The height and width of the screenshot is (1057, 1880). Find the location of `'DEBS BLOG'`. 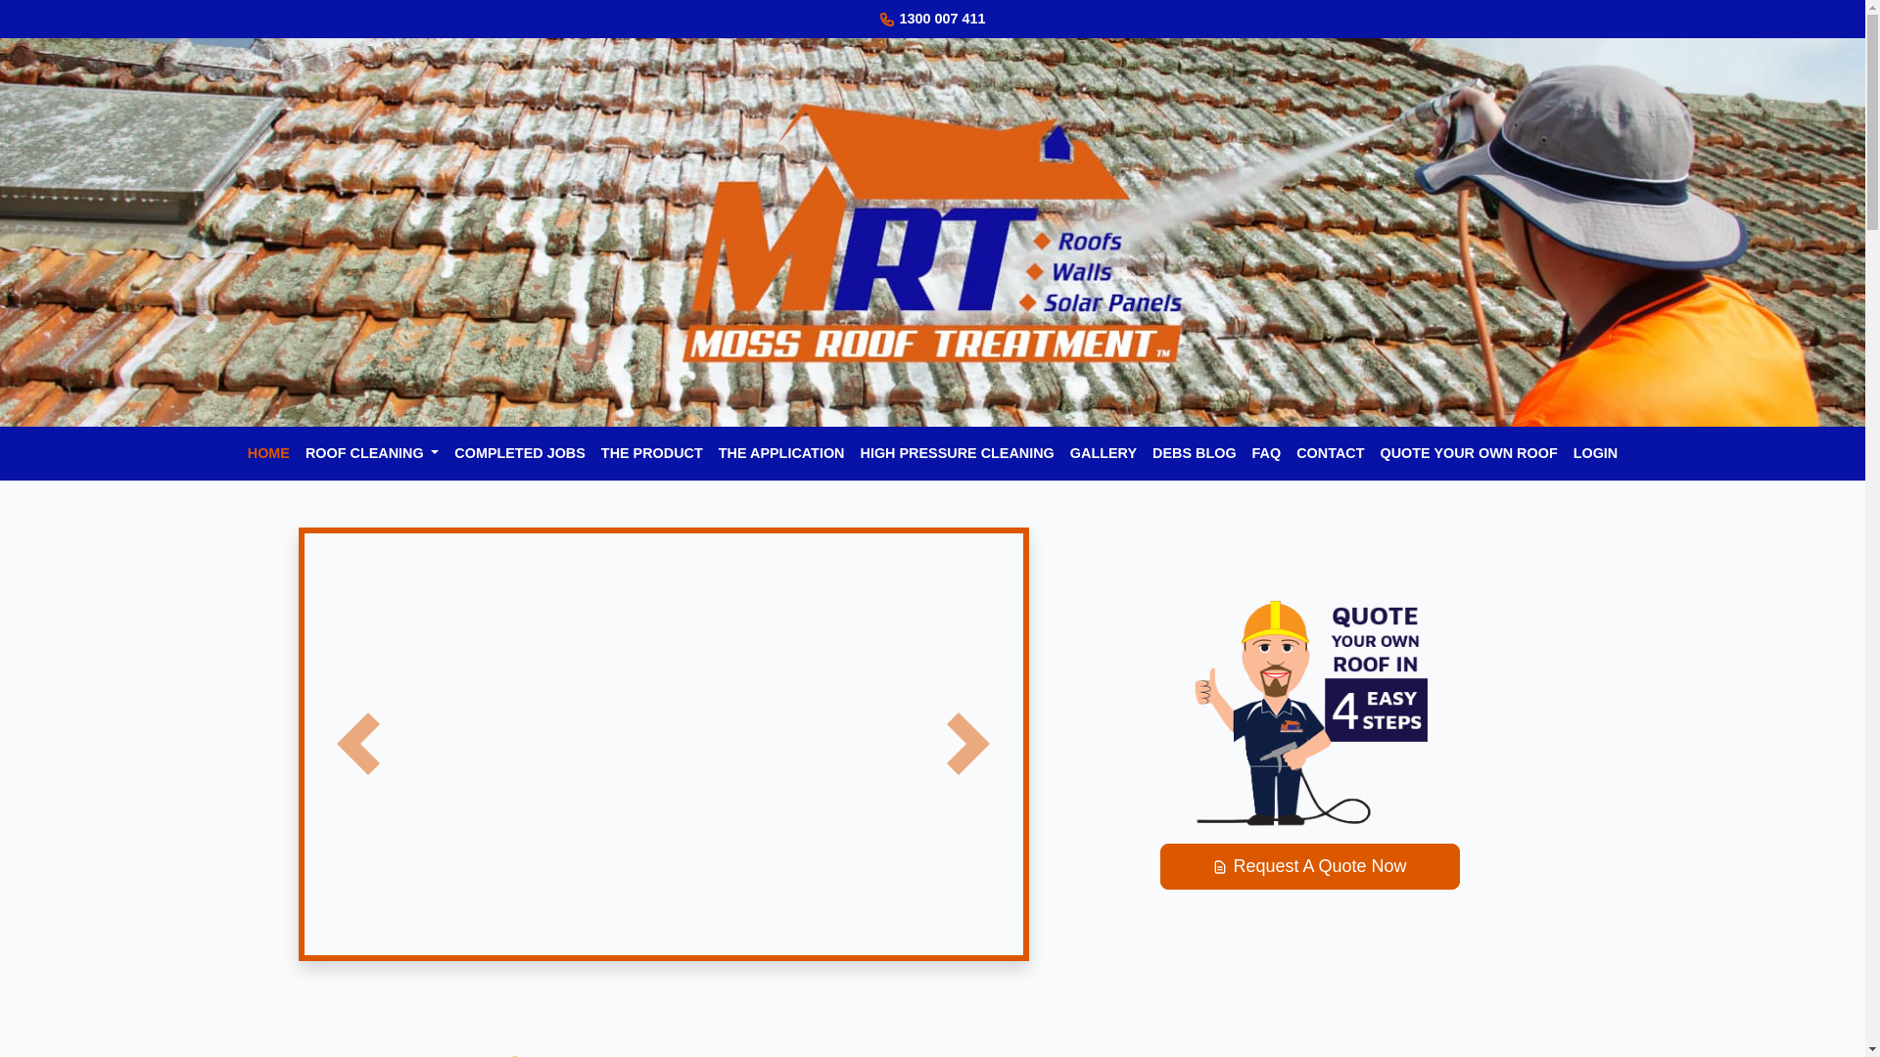

'DEBS BLOG' is located at coordinates (1193, 453).